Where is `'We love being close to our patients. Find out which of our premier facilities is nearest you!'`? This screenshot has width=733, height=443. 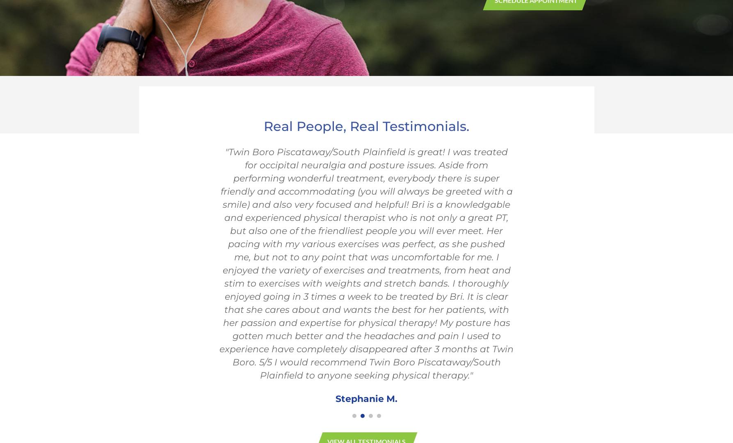 'We love being close to our patients. Find out which of our premier facilities is nearest you!' is located at coordinates (366, 347).